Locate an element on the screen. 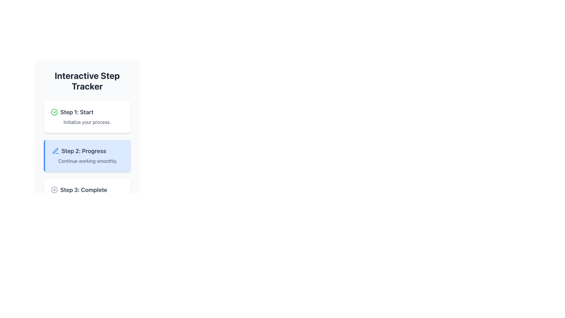  the second card in the 'Interactive Step Tracker' titled 'Progress', which indicates the second step of a process with the description 'Continue working smoothly.' is located at coordinates (87, 155).